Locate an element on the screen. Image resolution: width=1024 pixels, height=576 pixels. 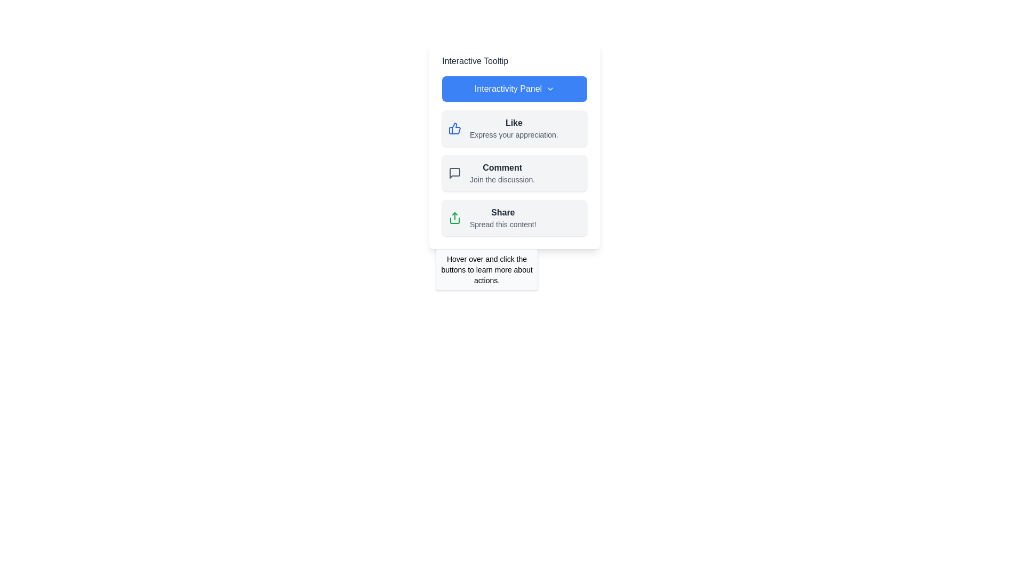
the 'Like' icon, which is a blue thumbs-up gesture located at the left side of the 'Like' text in the 'Interactive Tooltip' panel is located at coordinates (455, 127).